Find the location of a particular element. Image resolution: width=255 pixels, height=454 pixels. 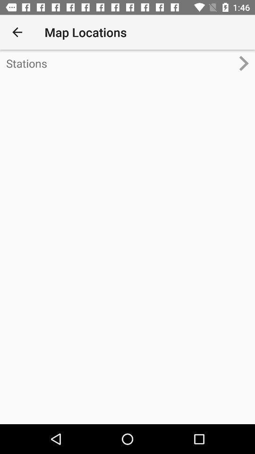

icon at the top left corner is located at coordinates (17, 32).